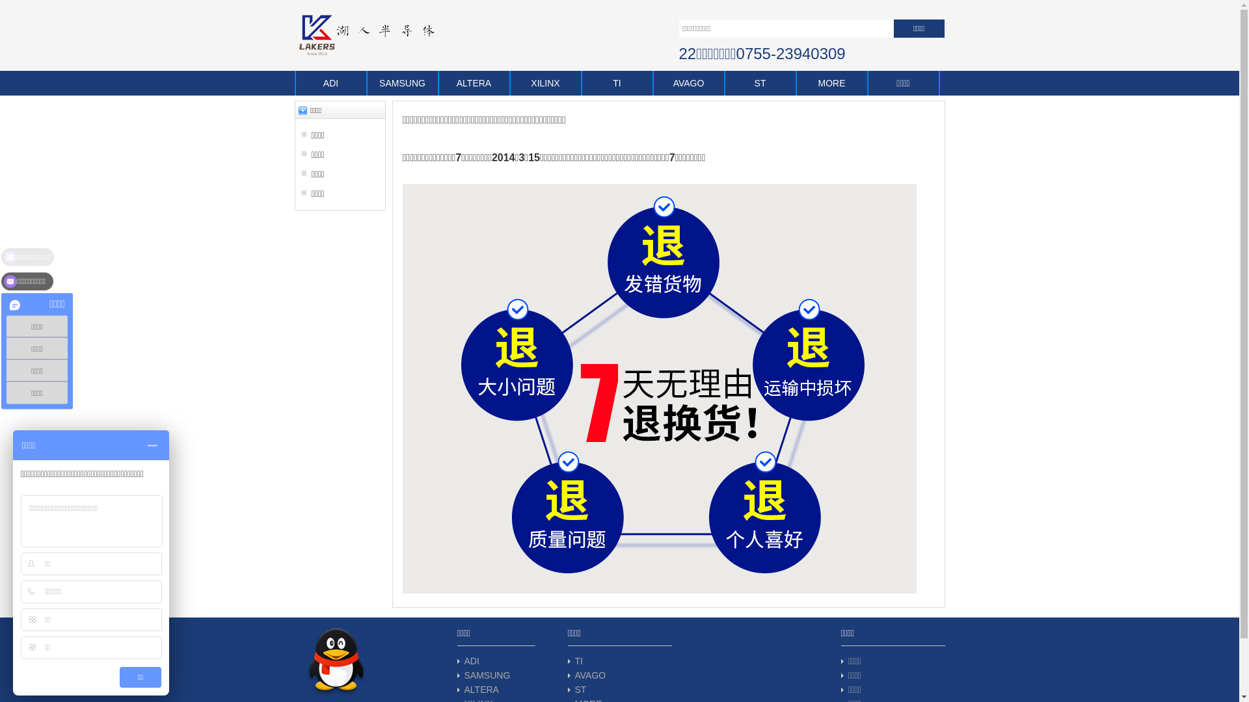 Image resolution: width=1249 pixels, height=702 pixels. What do you see at coordinates (589, 674) in the screenshot?
I see `'AVAGO'` at bounding box center [589, 674].